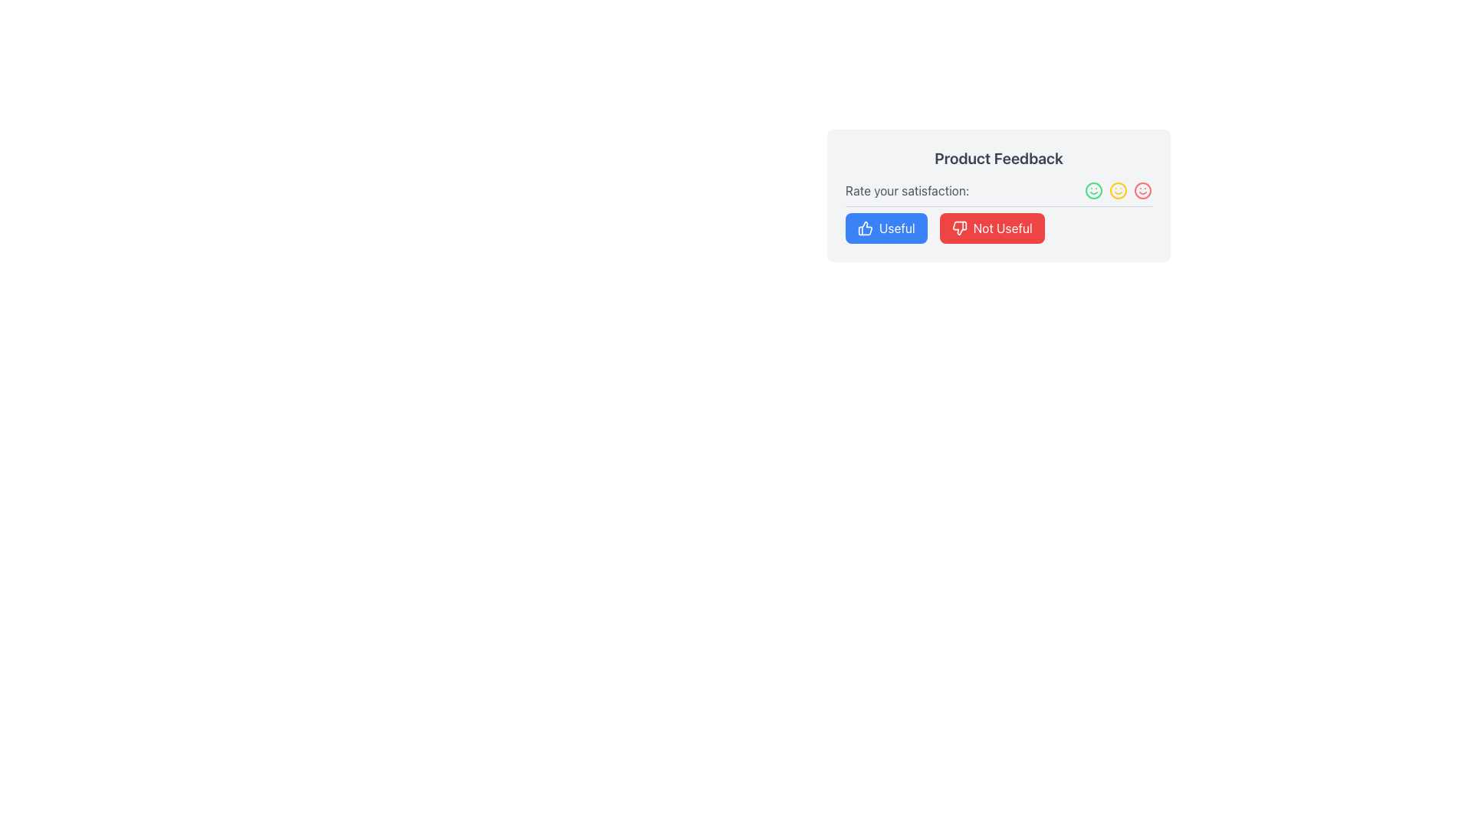  I want to click on the thumbs-up icon, which is styled with a transparent fill and a white stroke, located inside the blue 'Useful' button, so click(865, 228).